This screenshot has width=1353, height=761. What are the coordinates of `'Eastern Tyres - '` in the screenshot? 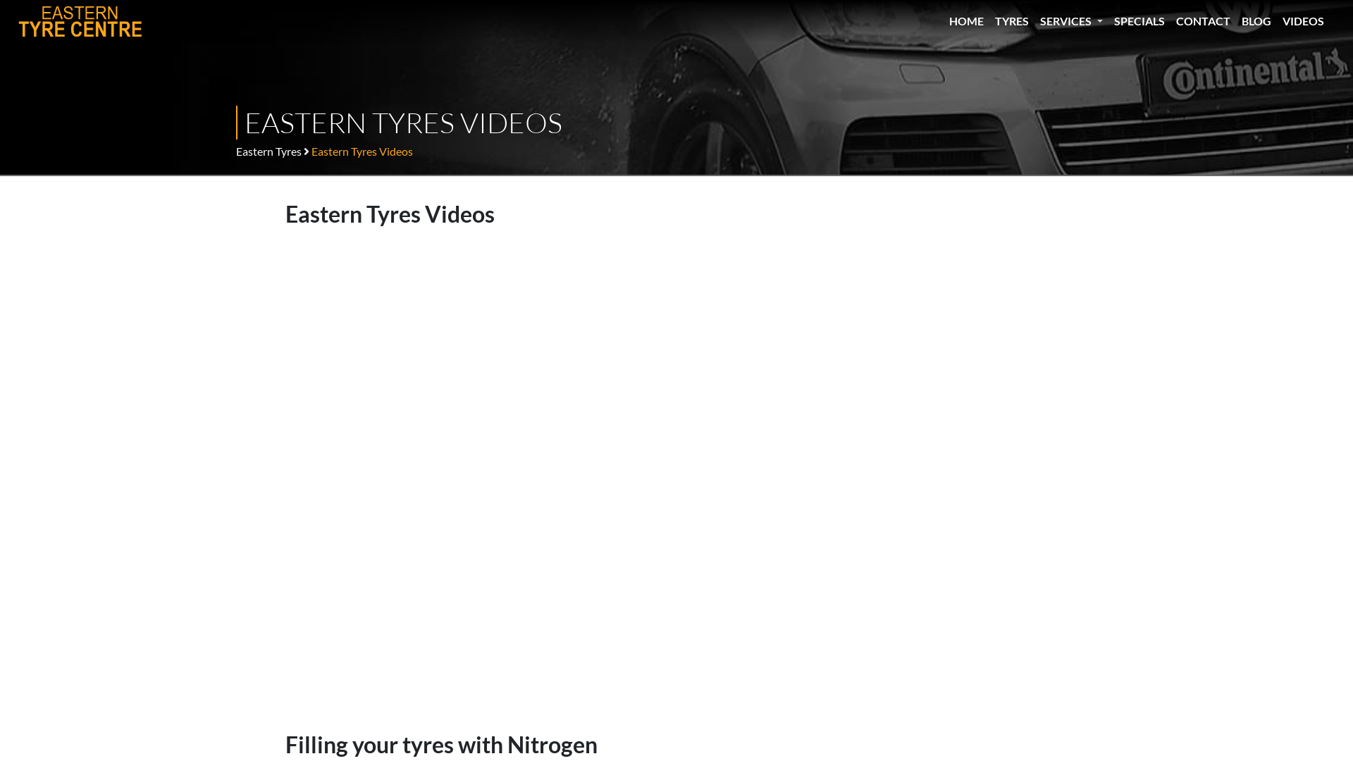 It's located at (80, 21).